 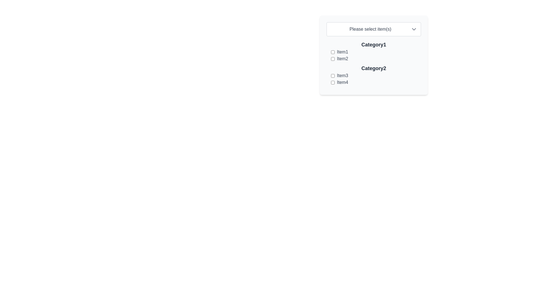 What do you see at coordinates (342, 52) in the screenshot?
I see `the static text label displaying 'Item1' in gray font, located to the right of the checkbox in the upper section of 'Category1'` at bounding box center [342, 52].